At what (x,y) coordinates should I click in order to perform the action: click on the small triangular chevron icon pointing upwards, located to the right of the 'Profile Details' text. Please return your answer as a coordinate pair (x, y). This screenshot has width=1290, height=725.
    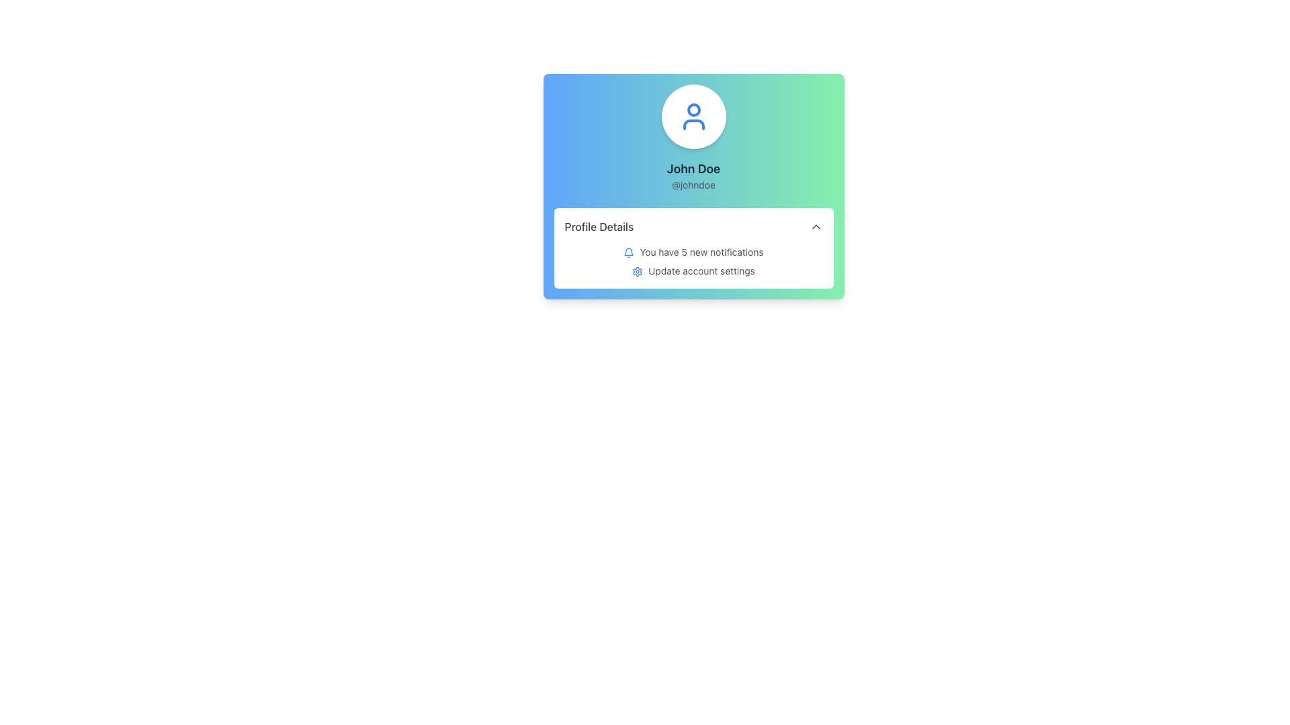
    Looking at the image, I should click on (815, 226).